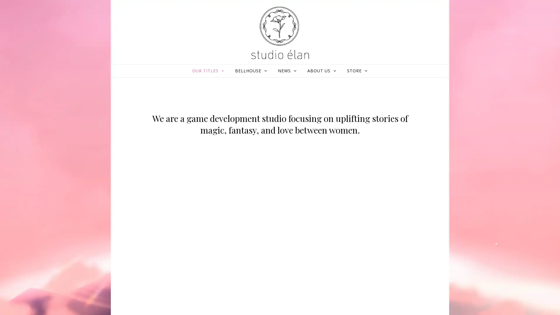 The height and width of the screenshot is (315, 560). Describe the element at coordinates (407, 176) in the screenshot. I see `Our Newsletter` at that location.